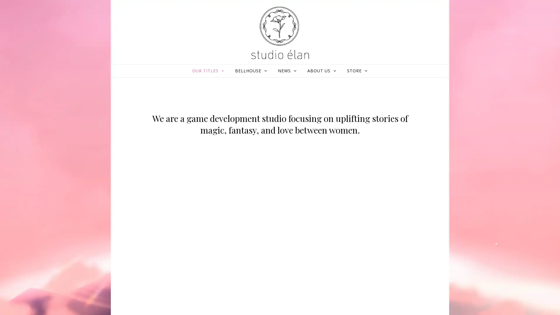 The height and width of the screenshot is (315, 560). Describe the element at coordinates (407, 176) in the screenshot. I see `Our Newsletter` at that location.